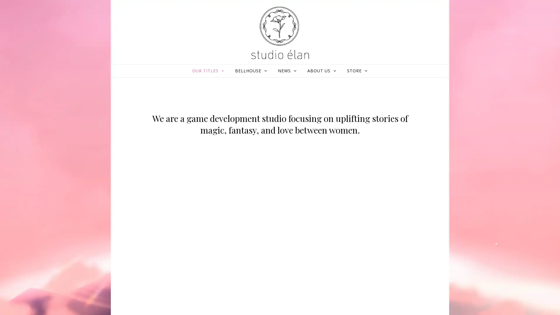 The height and width of the screenshot is (315, 560). Describe the element at coordinates (407, 176) in the screenshot. I see `Our Newsletter` at that location.